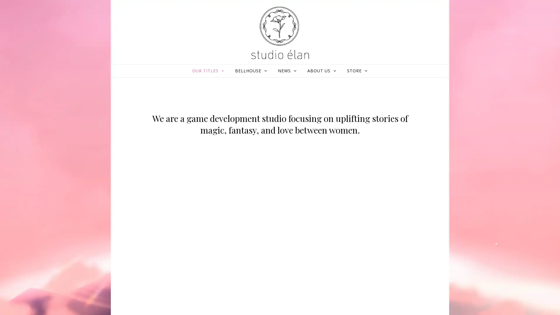 The height and width of the screenshot is (315, 560). Describe the element at coordinates (407, 176) in the screenshot. I see `Our Newsletter` at that location.